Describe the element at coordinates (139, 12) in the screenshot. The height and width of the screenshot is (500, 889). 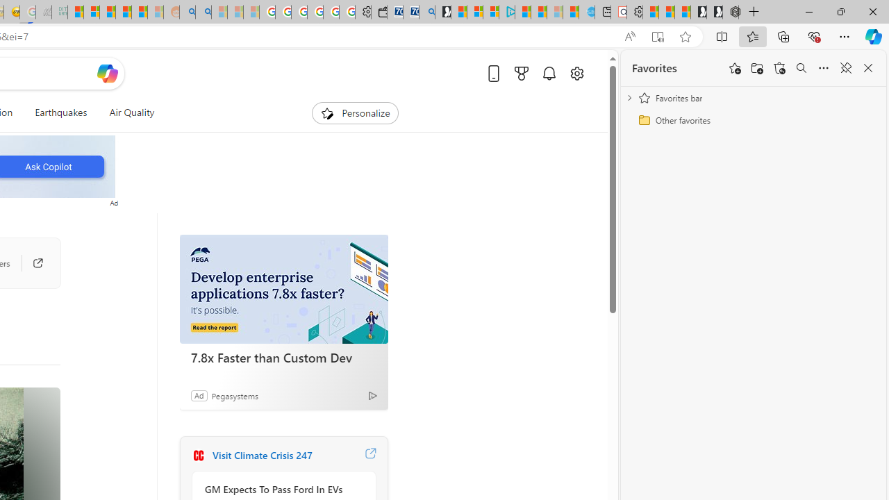
I see `'Student Loan Update: Forgiveness Program Ends This Month'` at that location.